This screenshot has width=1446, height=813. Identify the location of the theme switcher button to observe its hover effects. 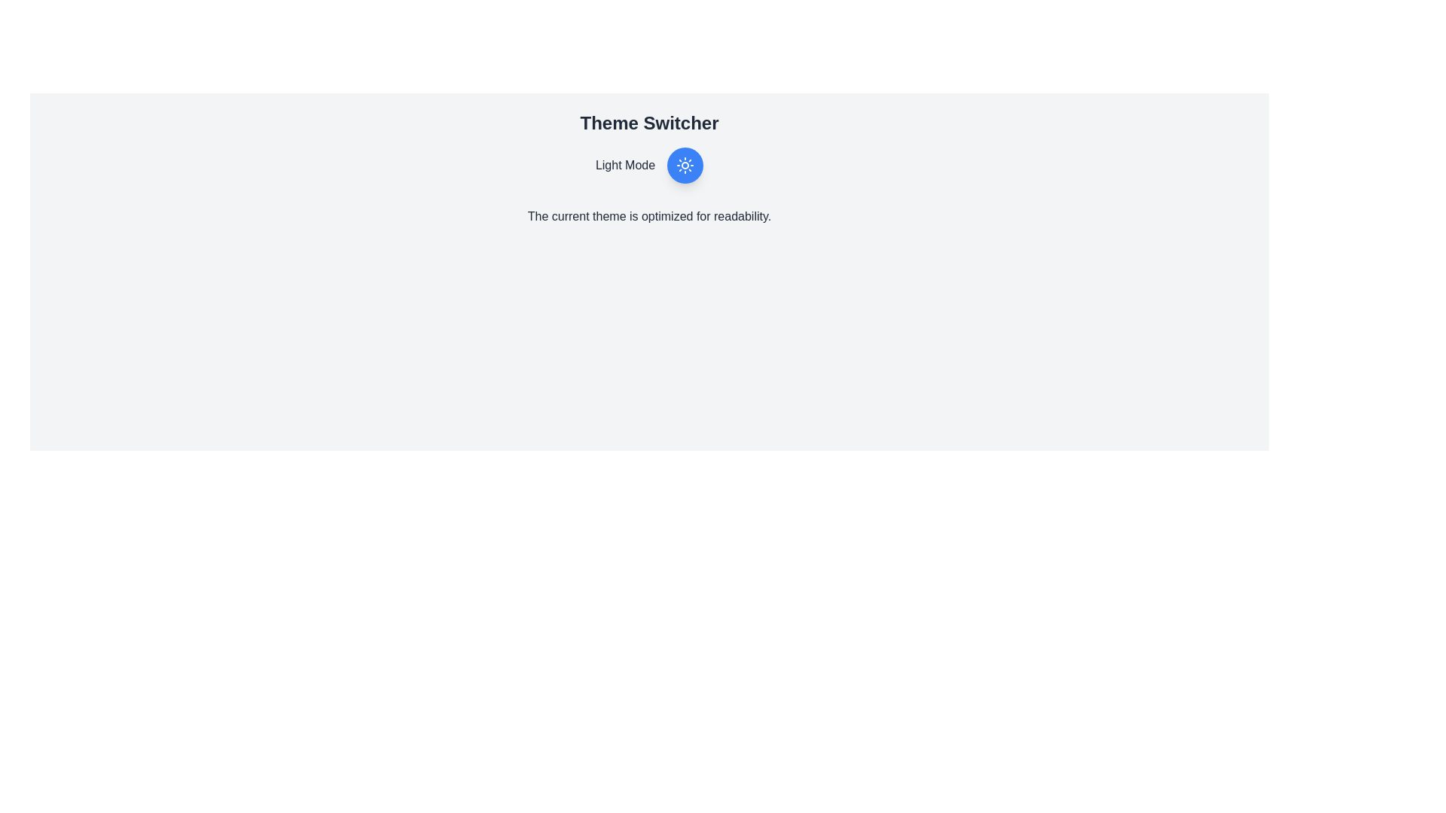
(685, 165).